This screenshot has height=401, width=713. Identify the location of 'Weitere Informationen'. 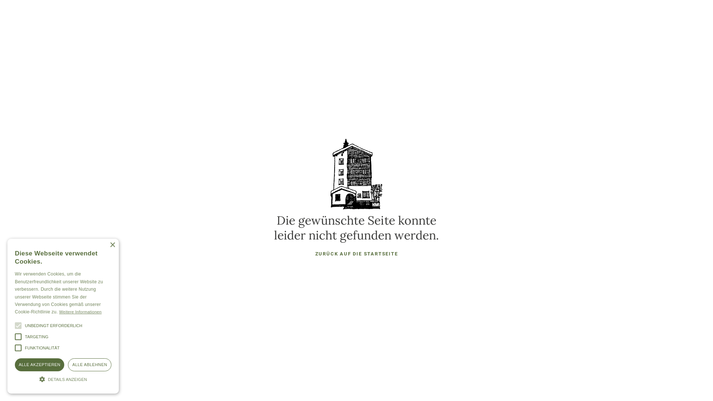
(80, 312).